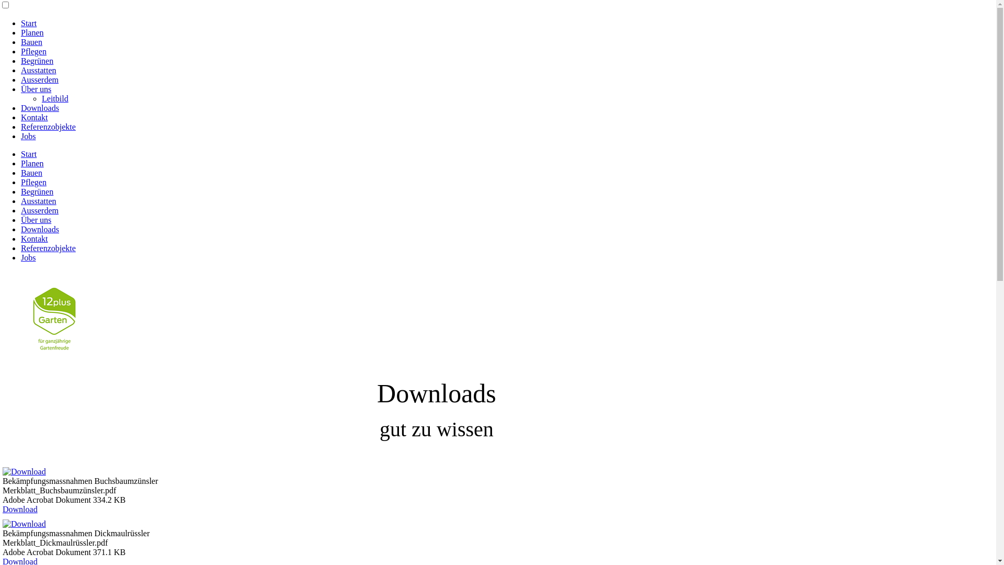 The height and width of the screenshot is (565, 1004). Describe the element at coordinates (35, 117) in the screenshot. I see `'Kontakt'` at that location.